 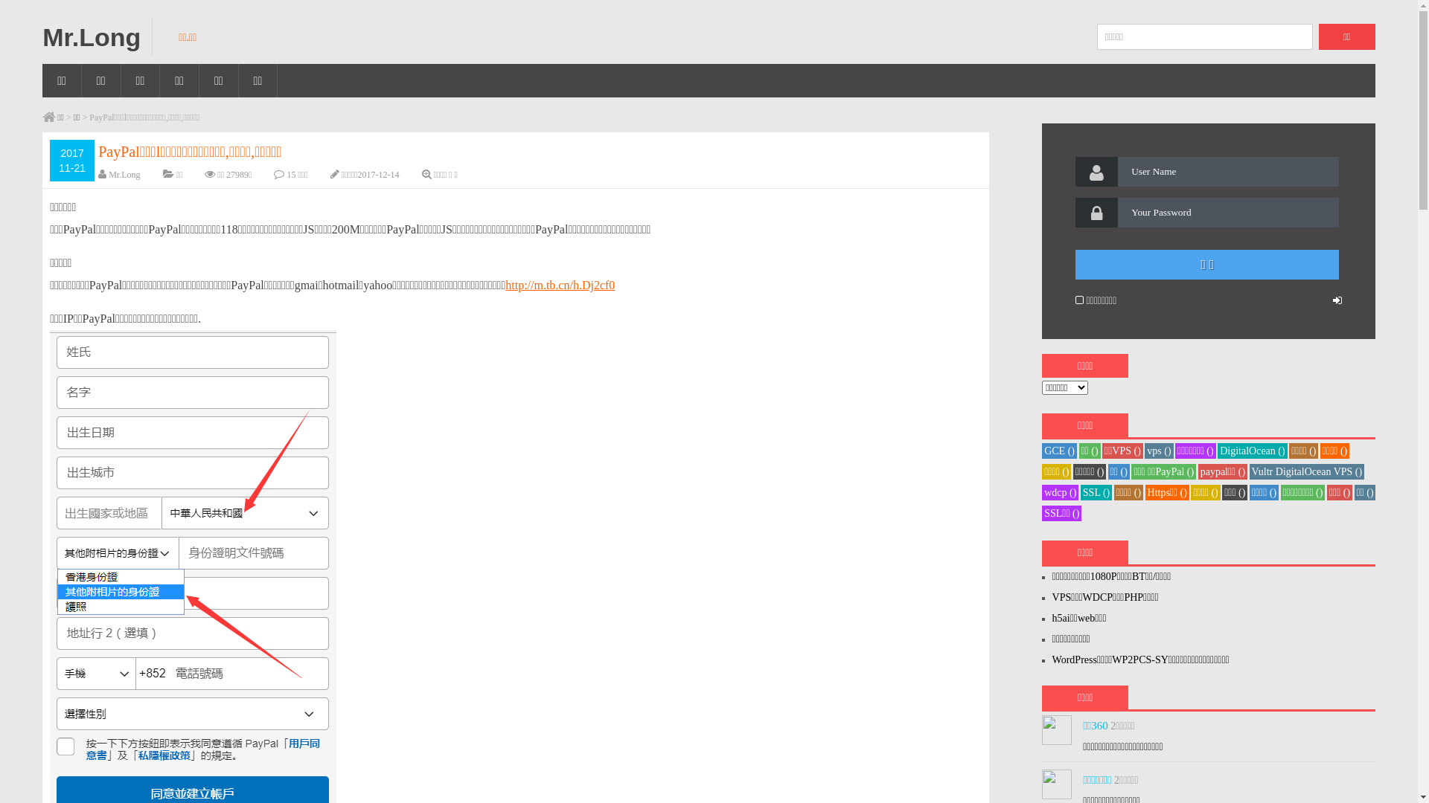 What do you see at coordinates (1251, 450) in the screenshot?
I see `'DigitalOcean ()'` at bounding box center [1251, 450].